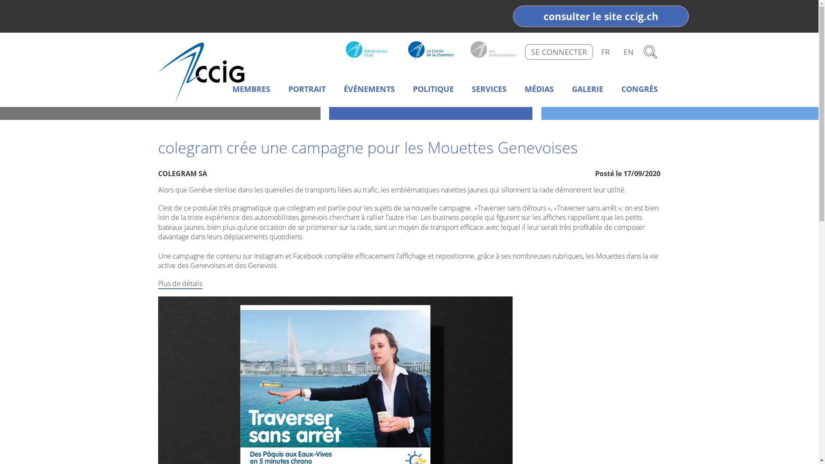  Describe the element at coordinates (433, 89) in the screenshot. I see `'POLITIQUE'` at that location.